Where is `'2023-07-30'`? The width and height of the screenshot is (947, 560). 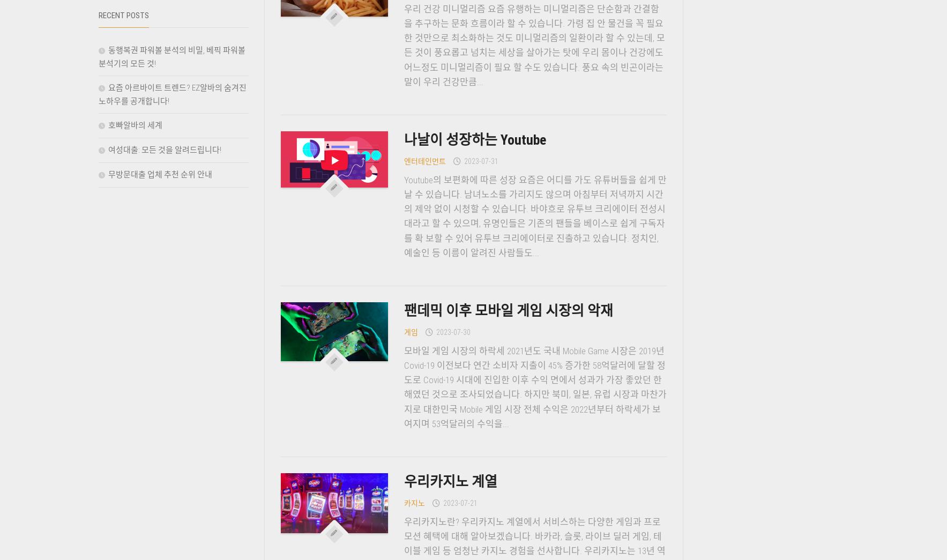
'2023-07-30' is located at coordinates (452, 331).